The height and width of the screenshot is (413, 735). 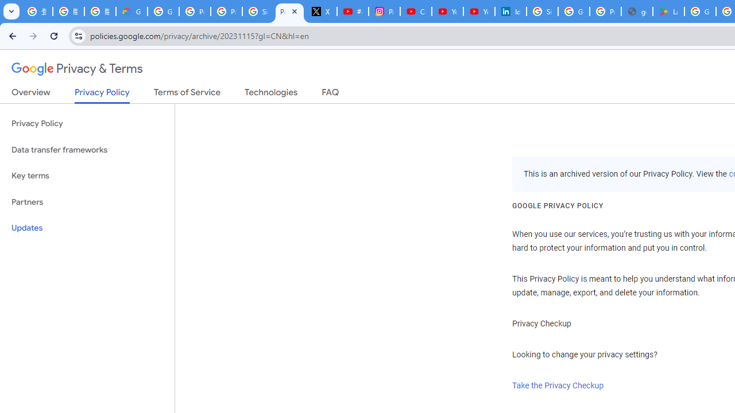 I want to click on 'Key terms', so click(x=87, y=176).